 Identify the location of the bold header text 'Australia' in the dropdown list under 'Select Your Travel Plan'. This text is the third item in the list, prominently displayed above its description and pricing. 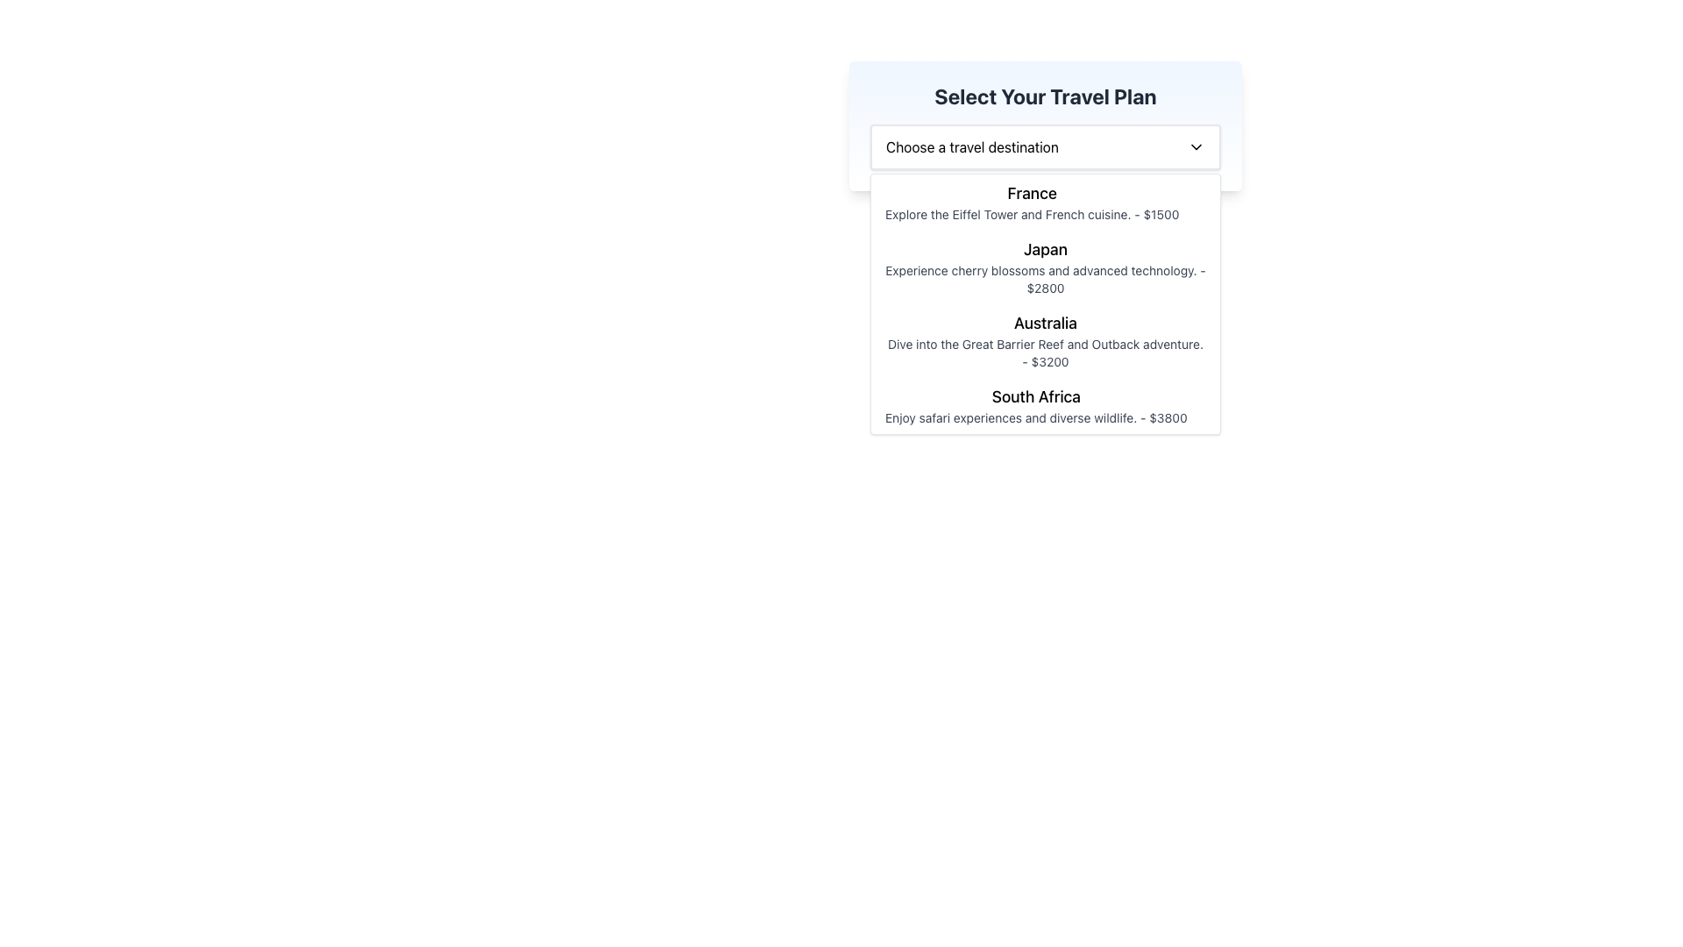
(1046, 324).